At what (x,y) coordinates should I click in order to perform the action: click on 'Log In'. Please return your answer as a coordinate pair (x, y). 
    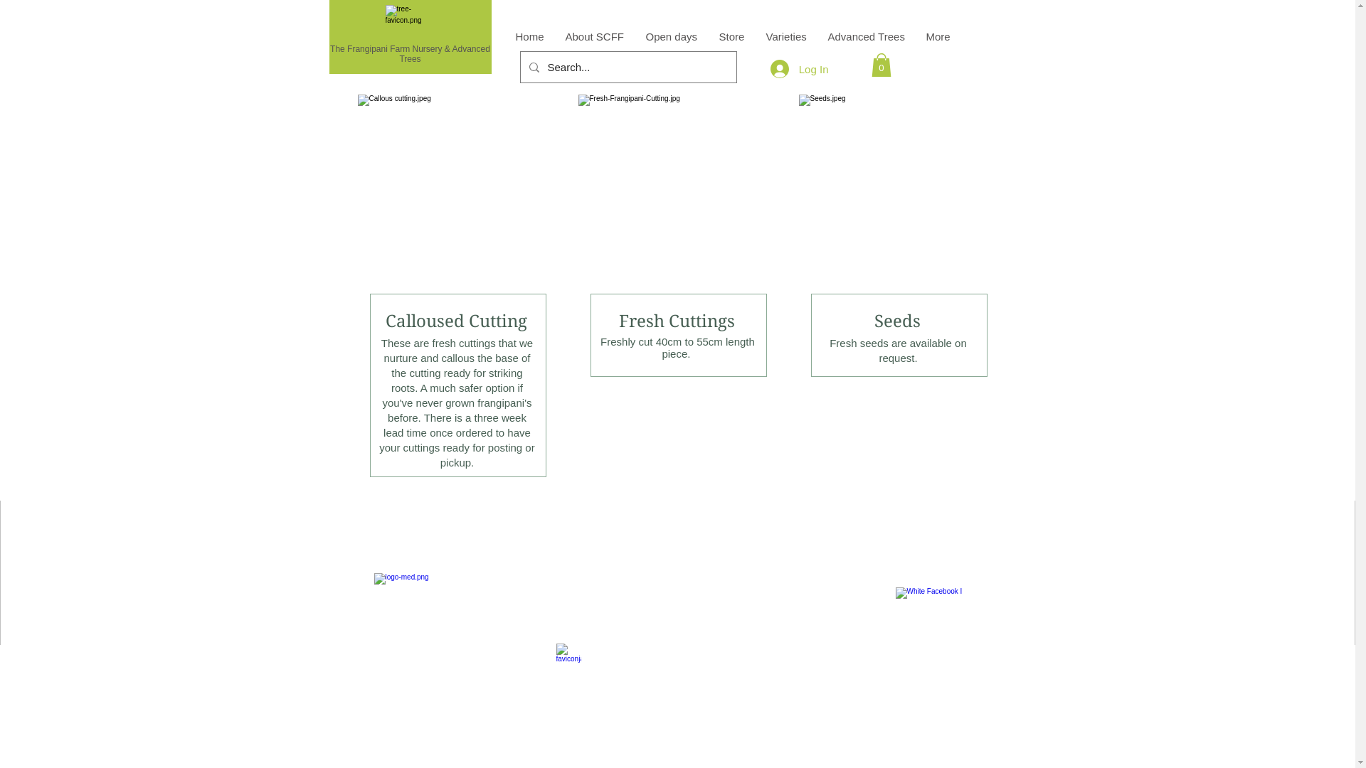
    Looking at the image, I should click on (760, 68).